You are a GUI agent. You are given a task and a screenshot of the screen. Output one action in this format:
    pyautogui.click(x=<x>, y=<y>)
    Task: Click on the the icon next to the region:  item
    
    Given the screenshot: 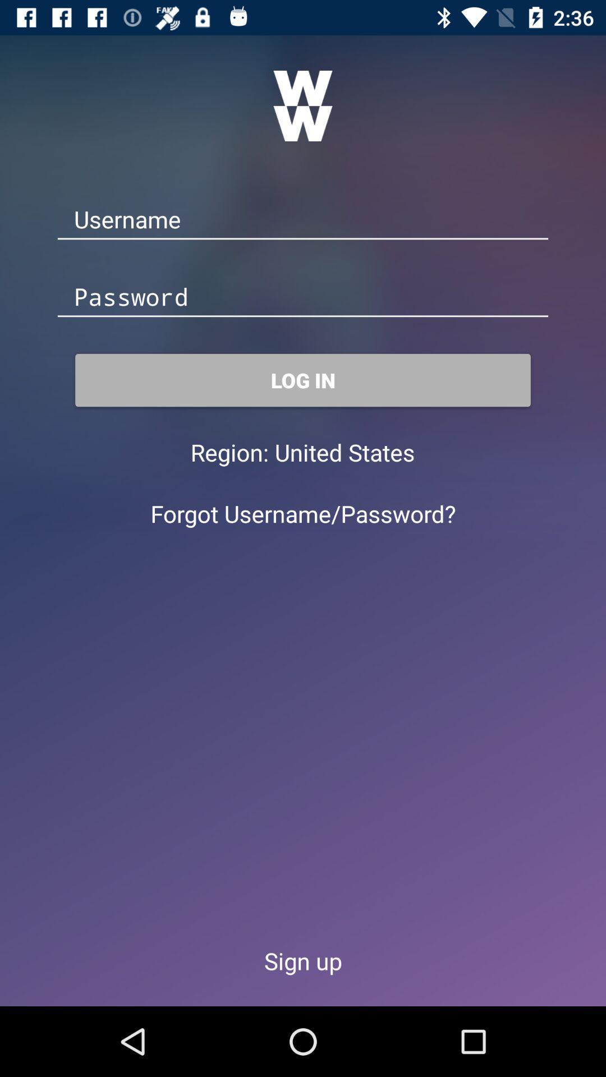 What is the action you would take?
    pyautogui.click(x=344, y=452)
    